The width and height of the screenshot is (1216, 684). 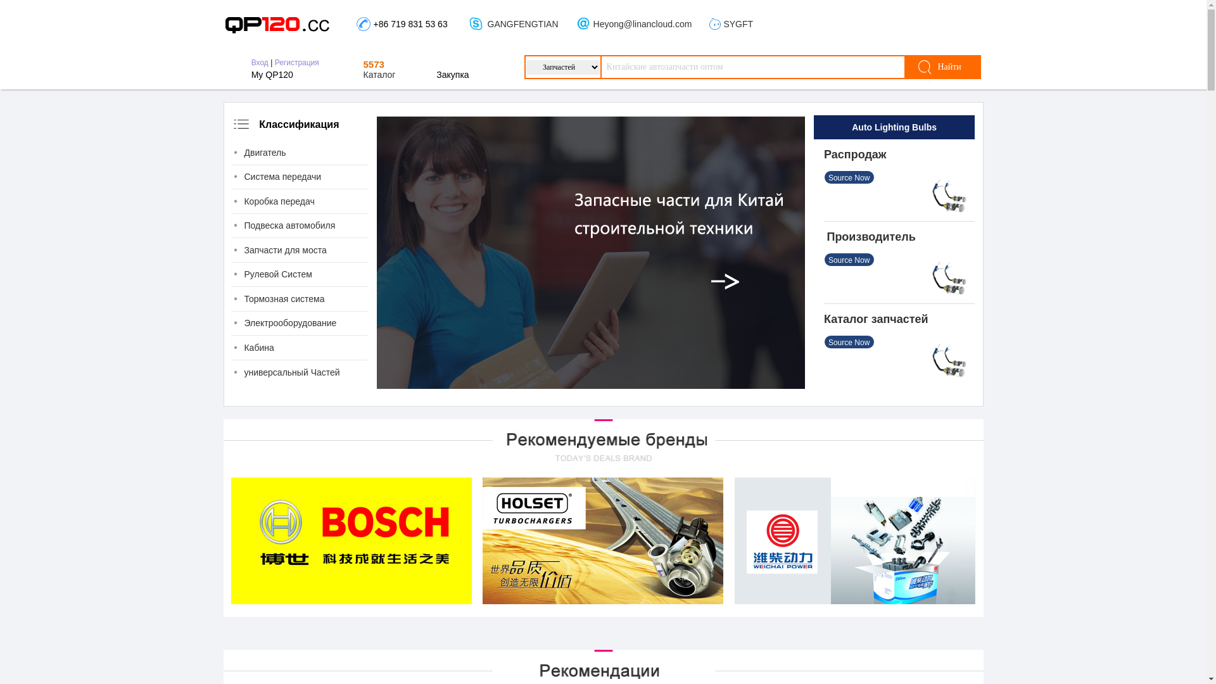 What do you see at coordinates (373, 64) in the screenshot?
I see `'5573'` at bounding box center [373, 64].